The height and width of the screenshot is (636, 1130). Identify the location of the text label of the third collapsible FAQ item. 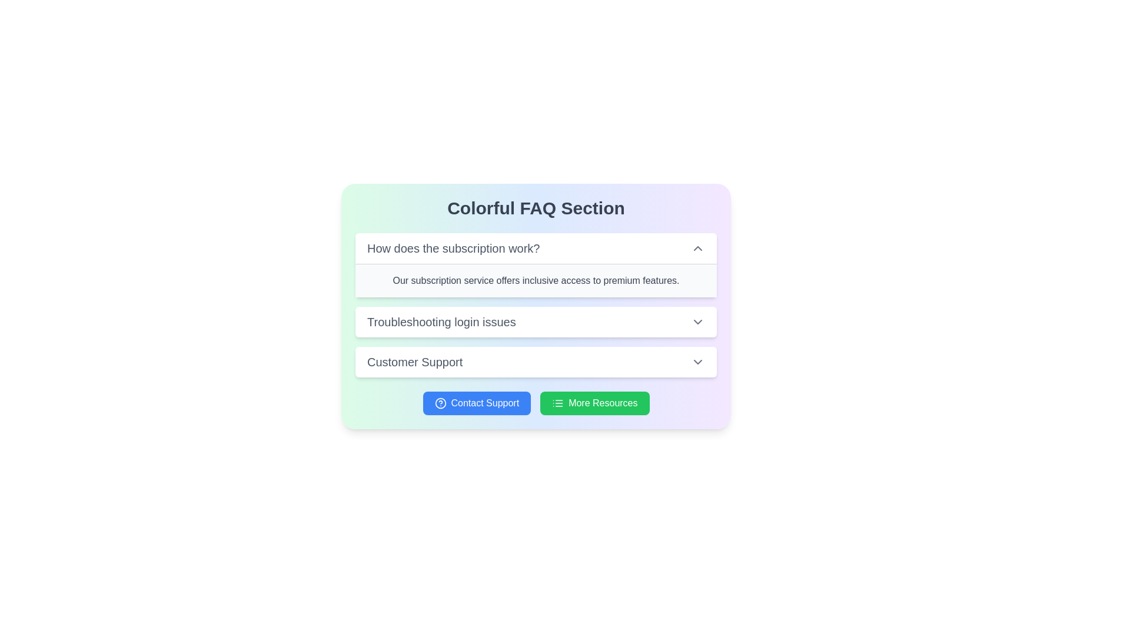
(415, 361).